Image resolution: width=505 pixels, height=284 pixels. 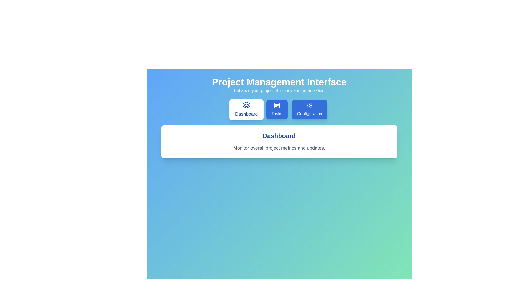 I want to click on the tab labeled Configuration, so click(x=310, y=109).